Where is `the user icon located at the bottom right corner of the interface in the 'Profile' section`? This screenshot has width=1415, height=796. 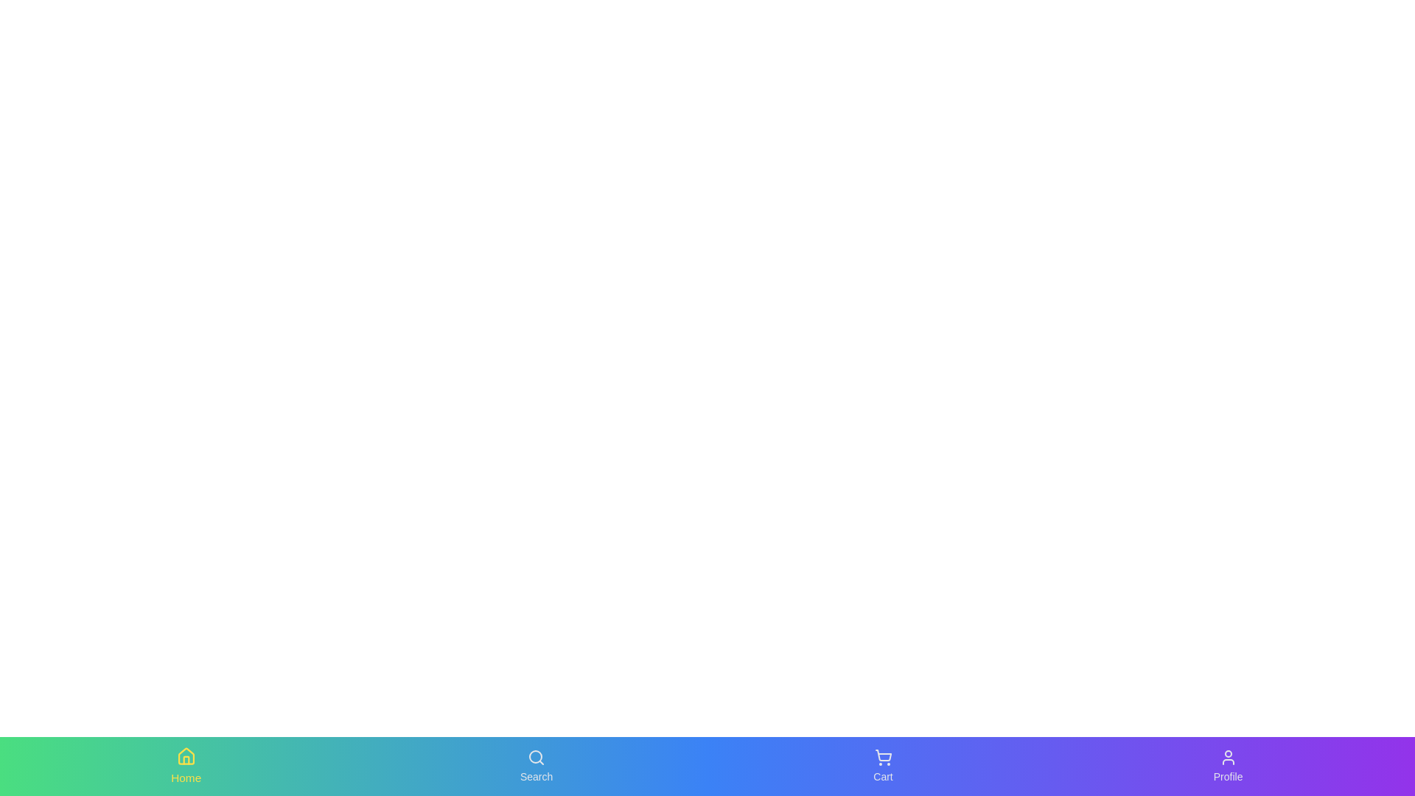
the user icon located at the bottom right corner of the interface in the 'Profile' section is located at coordinates (1228, 758).